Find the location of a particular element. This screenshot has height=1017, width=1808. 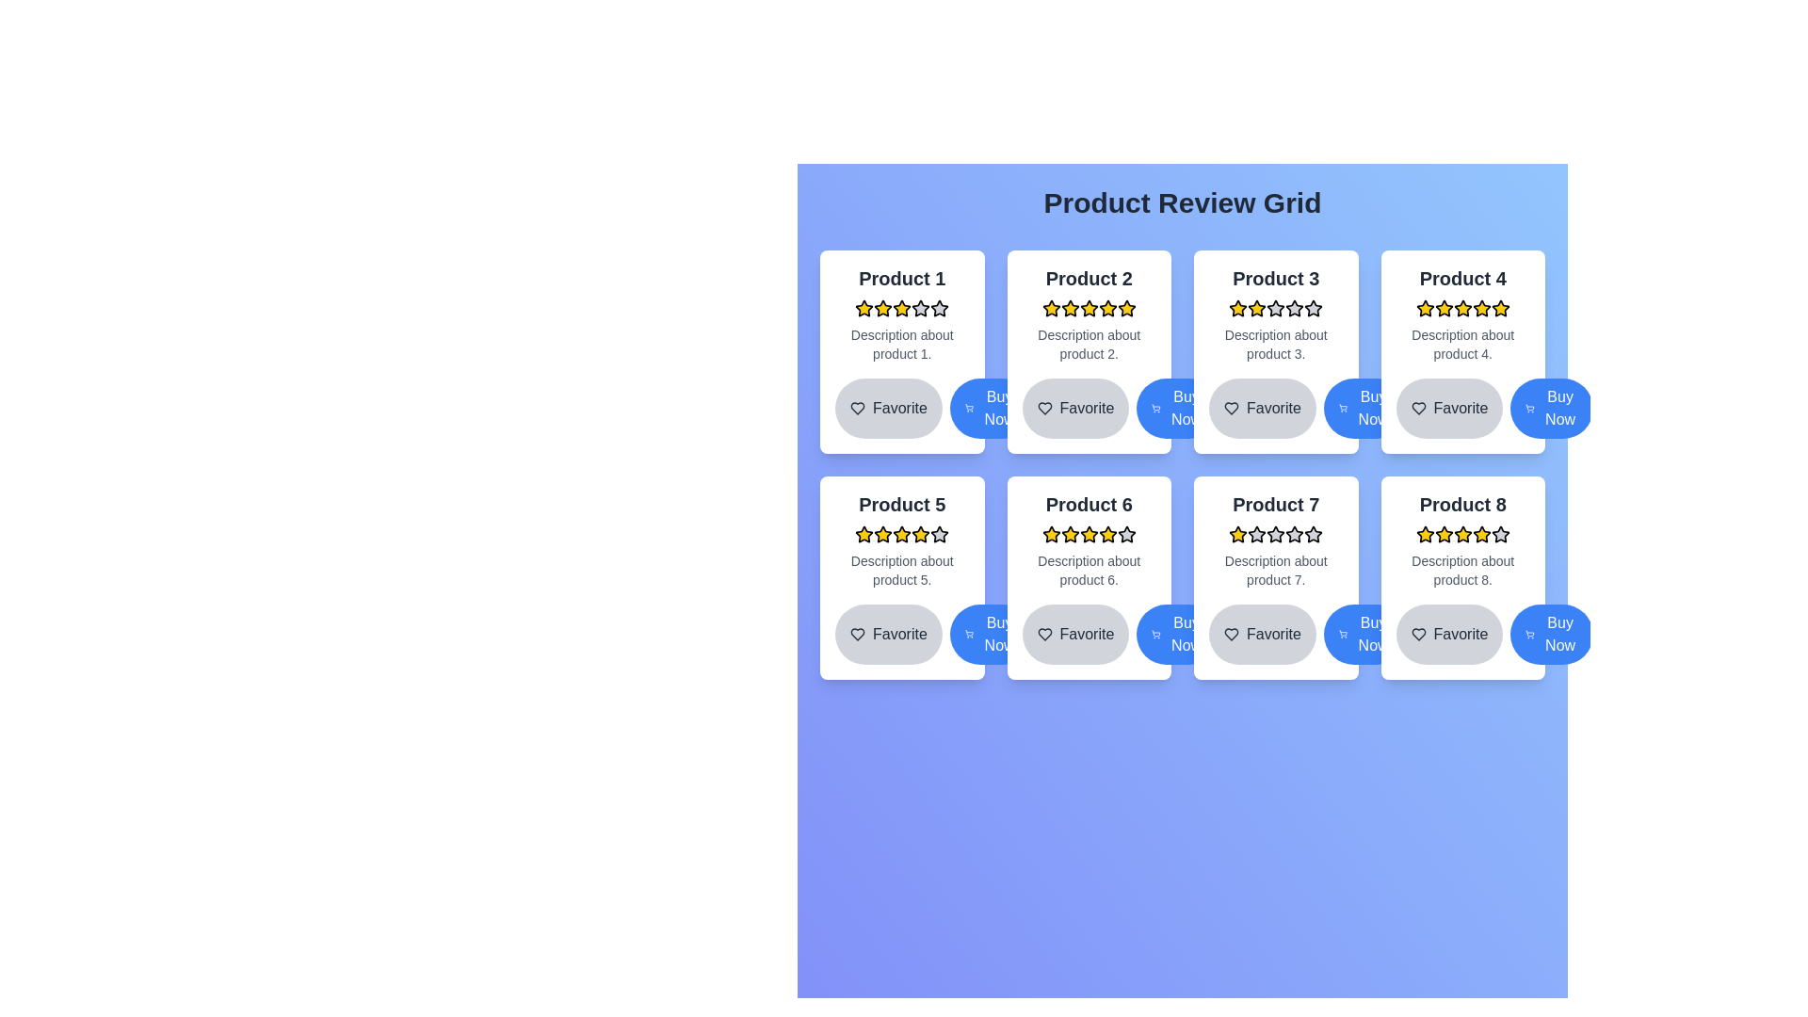

the first star-shaped icon in the rating bar for 'Product 4', which is yellow and positioned in the second row and fourth column of the product grid is located at coordinates (1425, 307).